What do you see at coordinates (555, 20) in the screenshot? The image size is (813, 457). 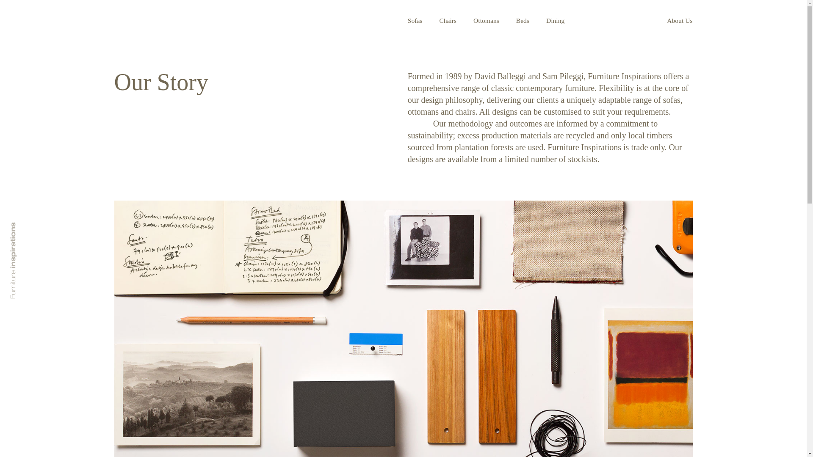 I see `'Dining'` at bounding box center [555, 20].